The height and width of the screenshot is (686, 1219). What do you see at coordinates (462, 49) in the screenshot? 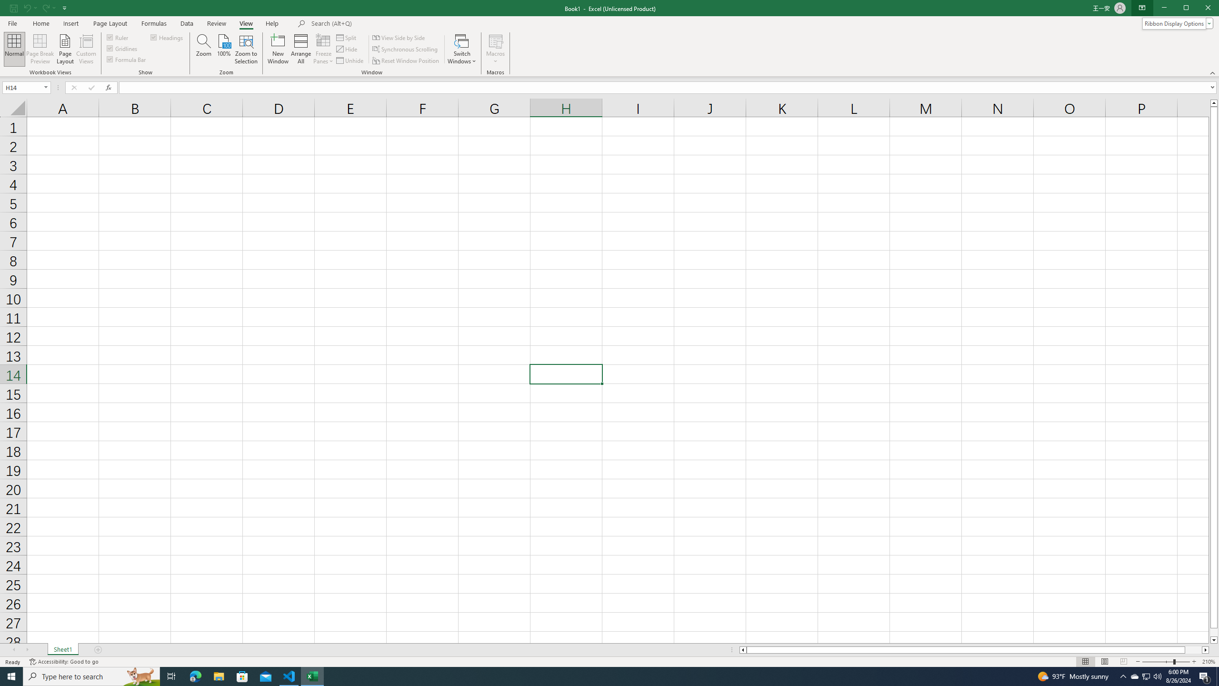
I see `'Switch Windows'` at bounding box center [462, 49].